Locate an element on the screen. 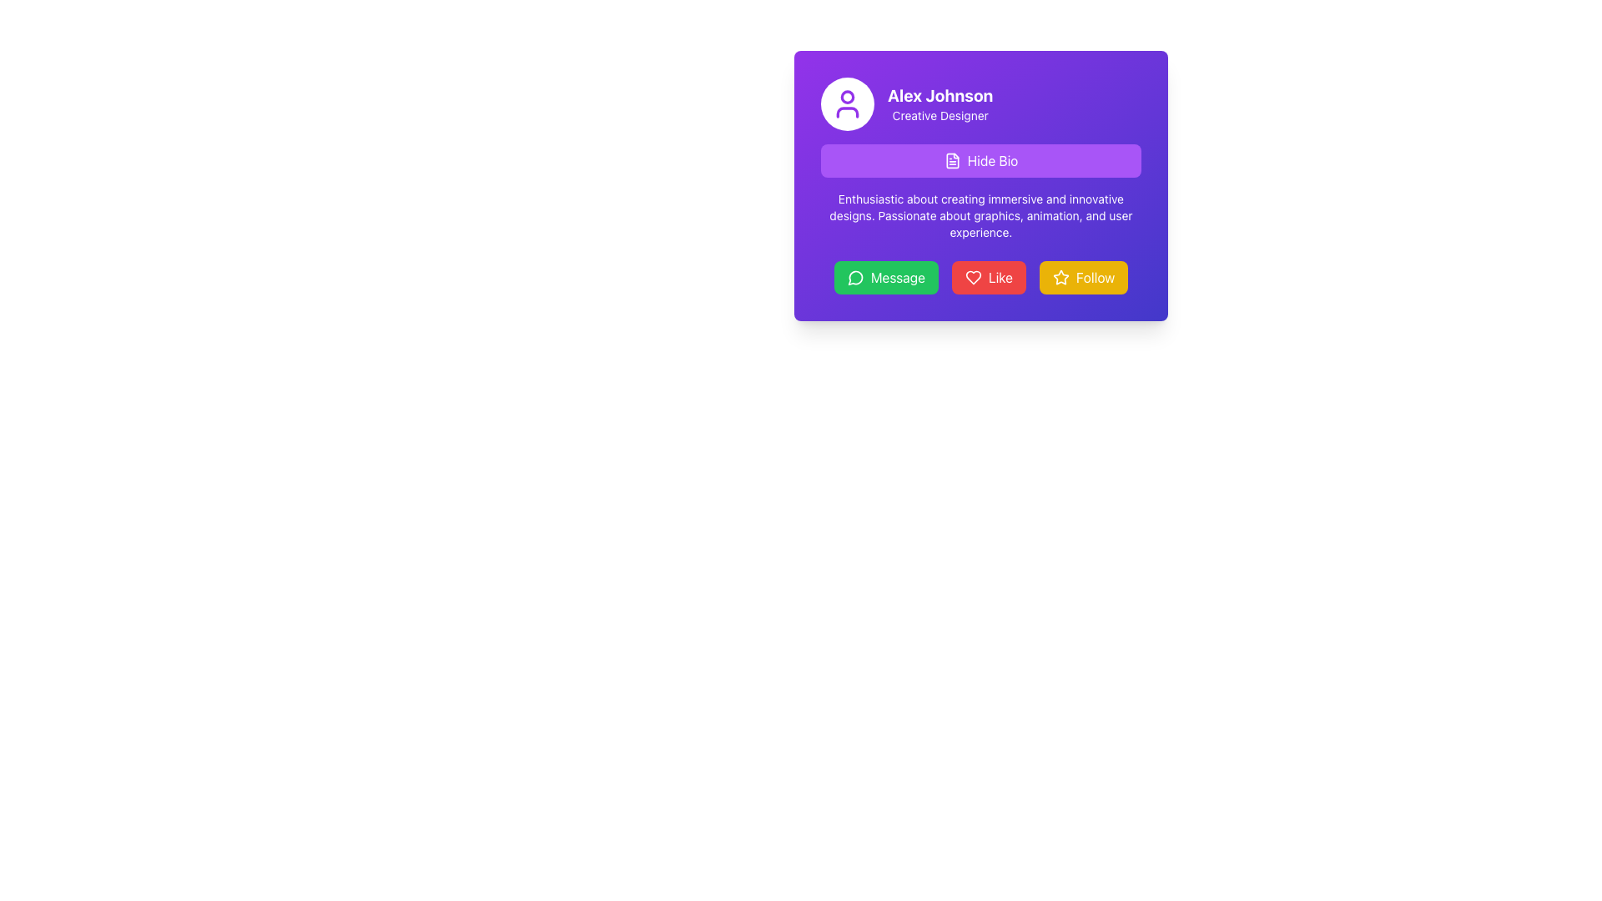 Image resolution: width=1602 pixels, height=901 pixels. the star icon SVG graphic located in the bottom-right quadrant of the user profile card, which serves as a visual indicator for ratings or preferences is located at coordinates (1060, 275).